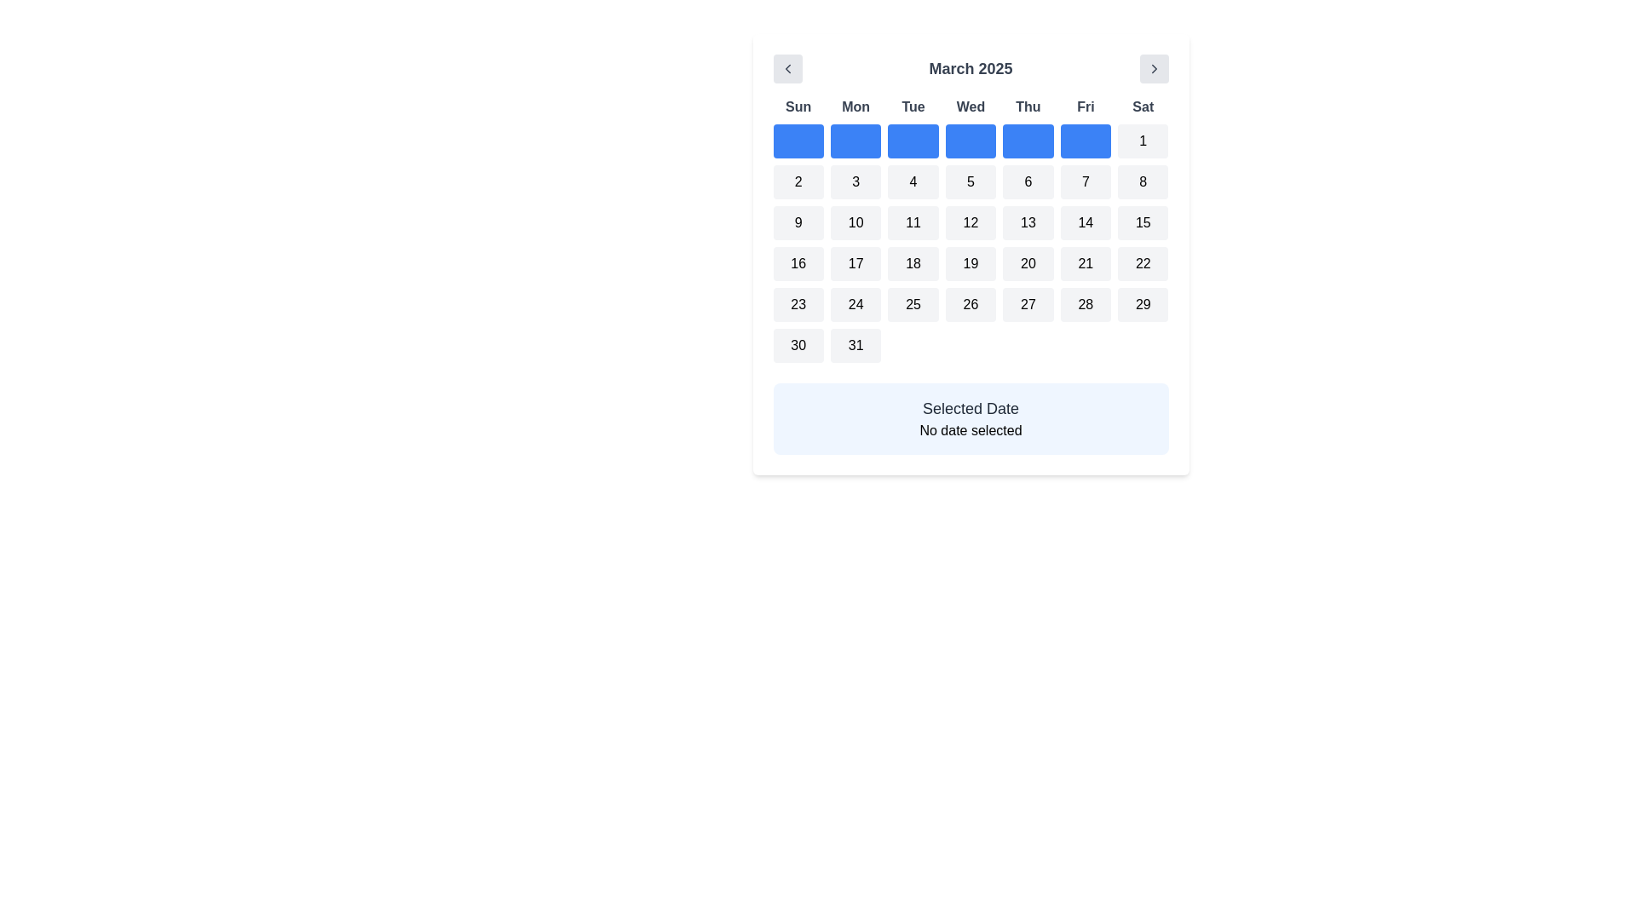 The height and width of the screenshot is (920, 1636). I want to click on the Text Label that identifies the first day of the week in the calendar, positioned at the top-left of the grid layout, so click(798, 107).